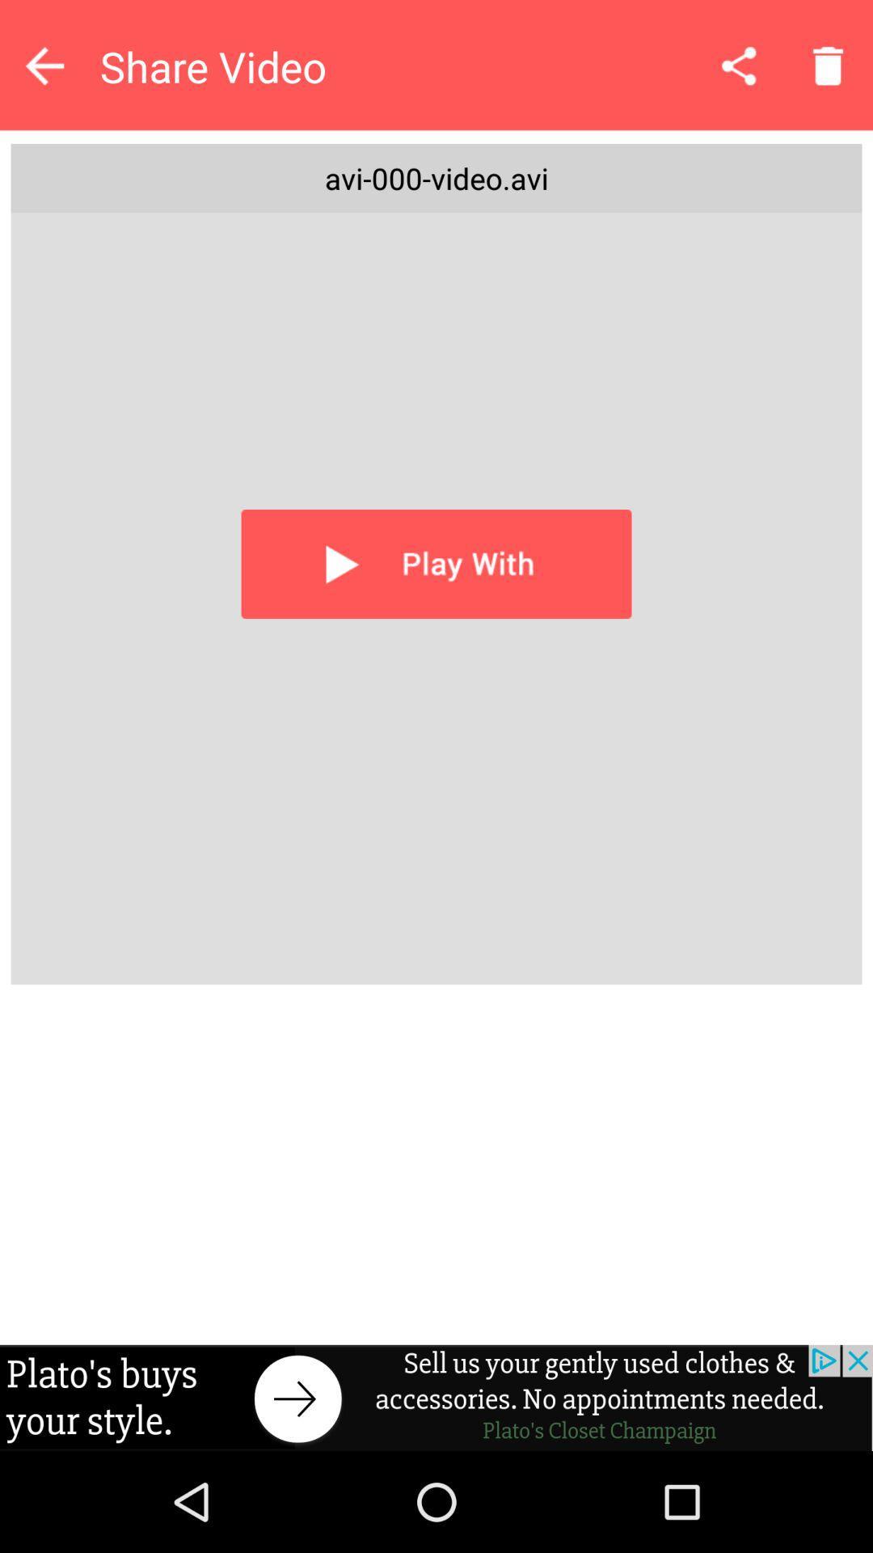 The width and height of the screenshot is (873, 1553). Describe the element at coordinates (828, 65) in the screenshot. I see `discard file` at that location.